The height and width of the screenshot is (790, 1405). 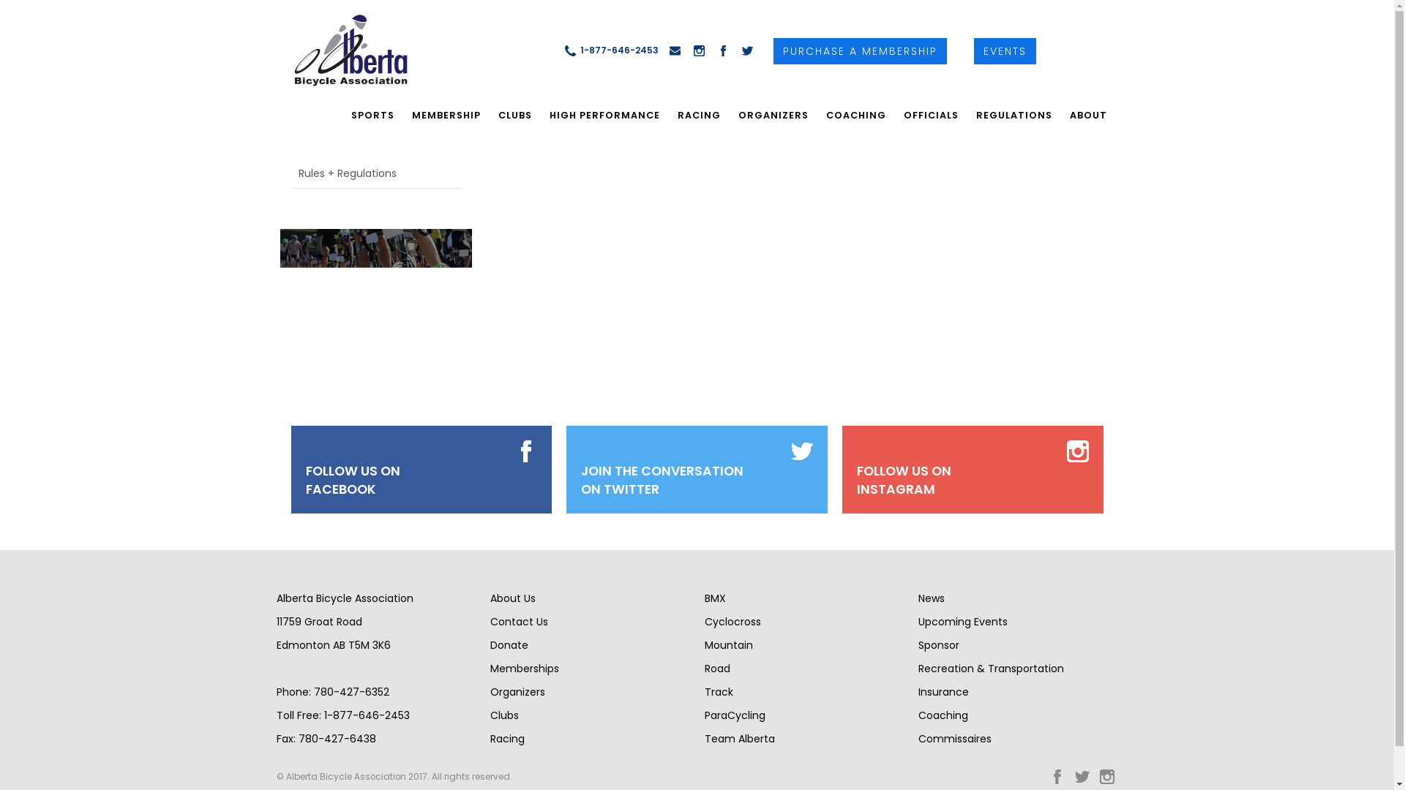 What do you see at coordinates (698, 115) in the screenshot?
I see `'RACING'` at bounding box center [698, 115].